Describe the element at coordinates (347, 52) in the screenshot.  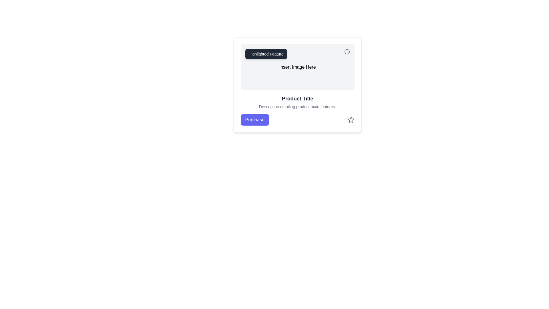
I see `the Circular Shape (SVG Element) located in the upper-right corner of the main product card component, above the 'Insert Image Here' placeholder` at that location.